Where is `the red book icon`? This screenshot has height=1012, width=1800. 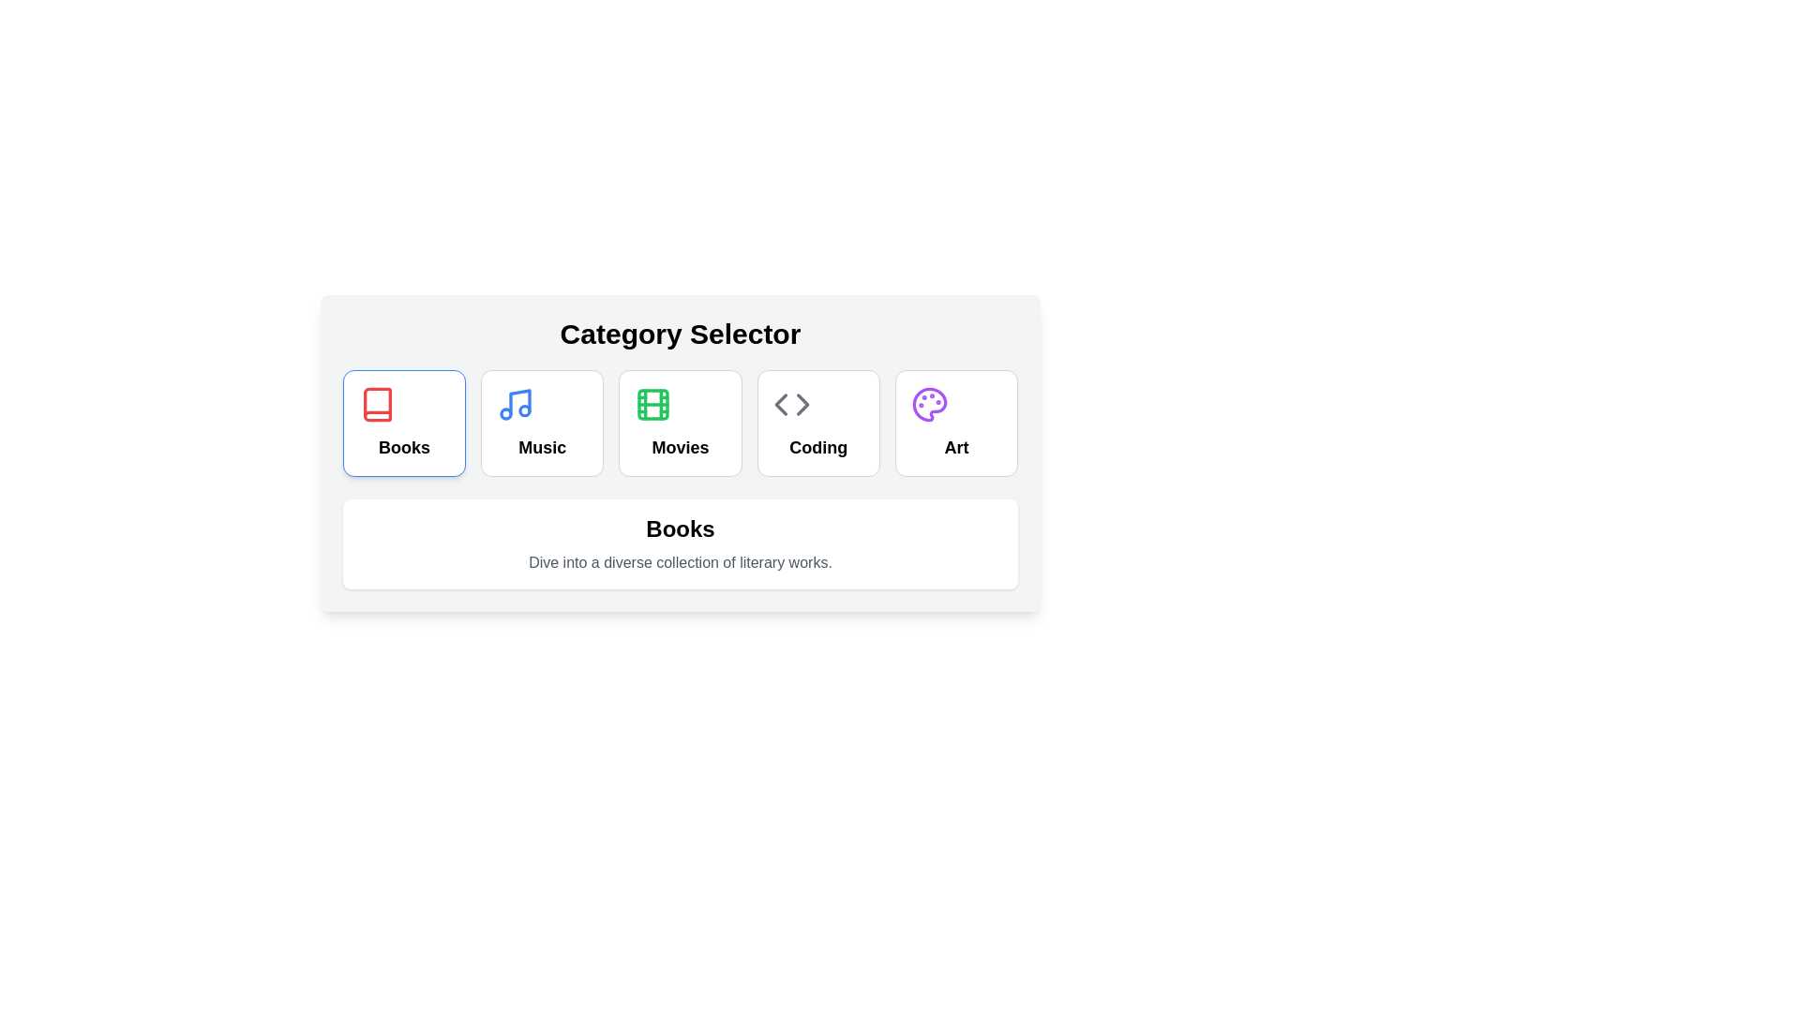 the red book icon is located at coordinates (377, 404).